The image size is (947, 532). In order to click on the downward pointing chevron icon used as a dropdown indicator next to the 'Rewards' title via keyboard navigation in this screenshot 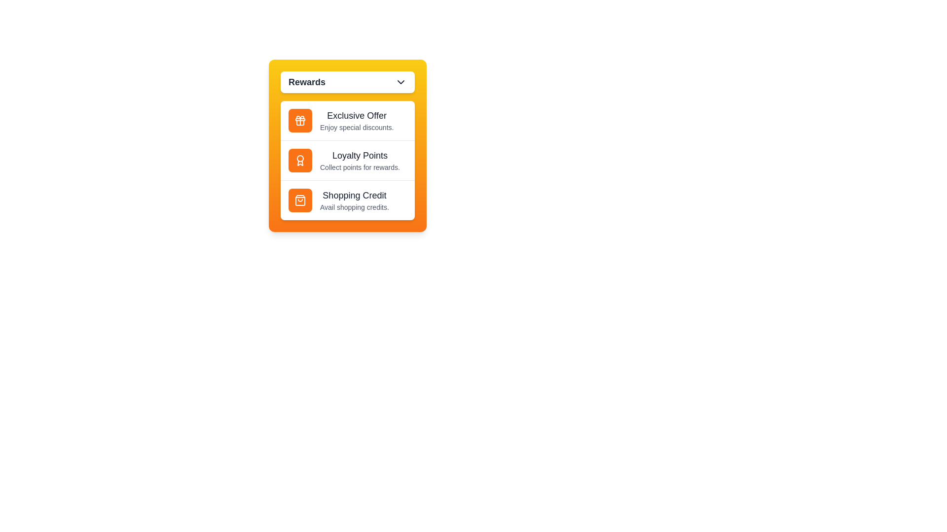, I will do `click(401, 81)`.